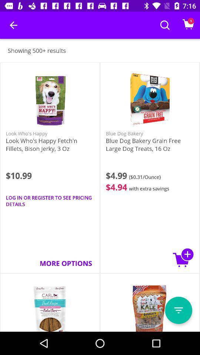 This screenshot has width=200, height=355. Describe the element at coordinates (50, 201) in the screenshot. I see `log in or item` at that location.